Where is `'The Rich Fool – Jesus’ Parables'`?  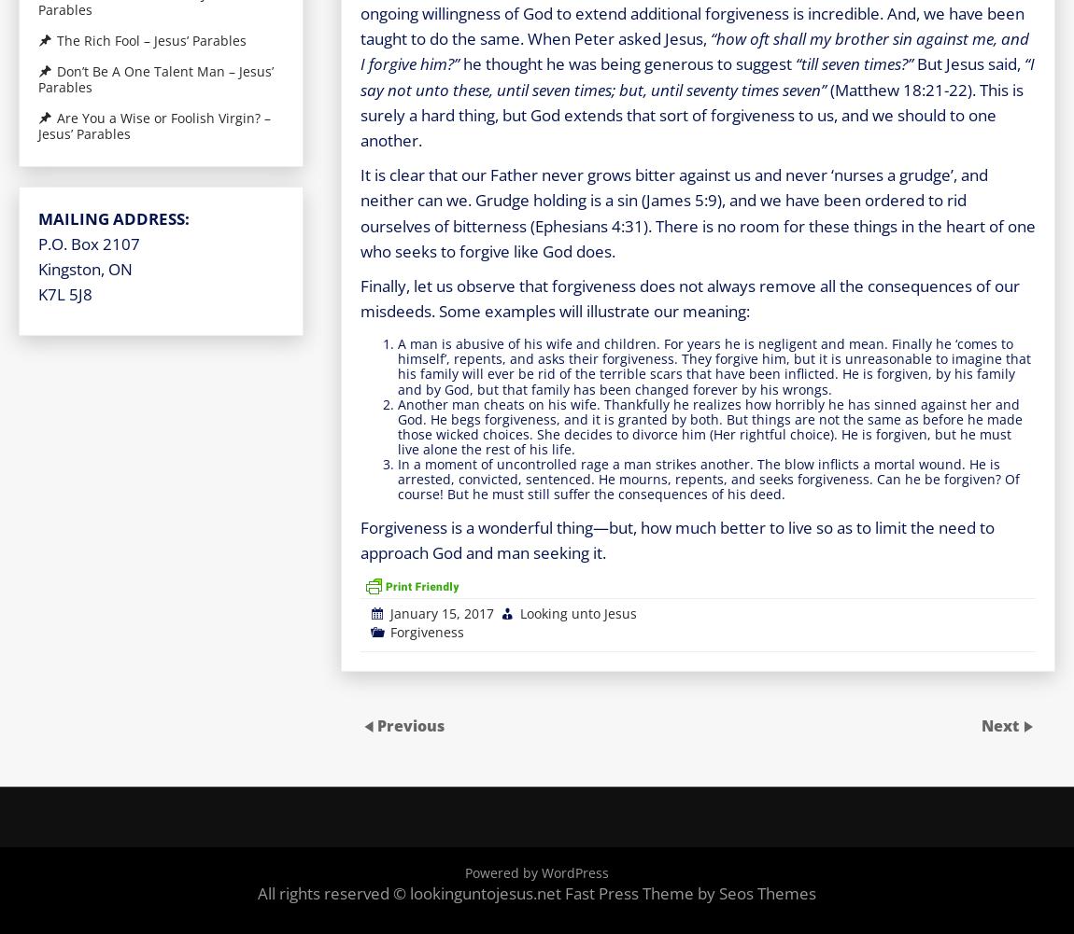
'The Rich Fool – Jesus’ Parables' is located at coordinates (55, 40).